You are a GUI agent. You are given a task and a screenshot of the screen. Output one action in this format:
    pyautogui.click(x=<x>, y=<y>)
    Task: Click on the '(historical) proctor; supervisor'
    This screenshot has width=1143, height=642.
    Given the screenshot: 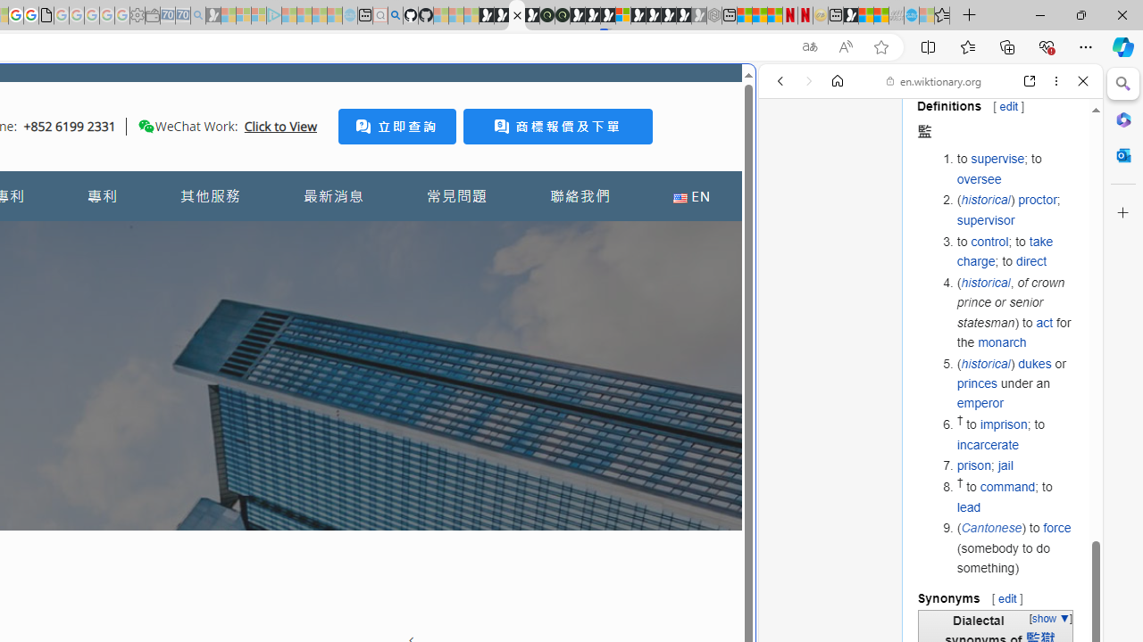 What is the action you would take?
    pyautogui.click(x=1015, y=210)
    